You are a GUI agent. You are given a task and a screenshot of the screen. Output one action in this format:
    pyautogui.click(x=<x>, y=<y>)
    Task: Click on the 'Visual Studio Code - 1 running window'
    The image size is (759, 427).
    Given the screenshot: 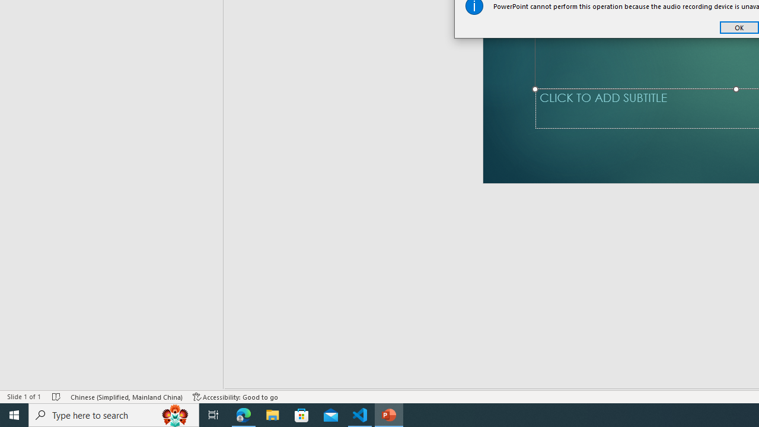 What is the action you would take?
    pyautogui.click(x=359, y=414)
    